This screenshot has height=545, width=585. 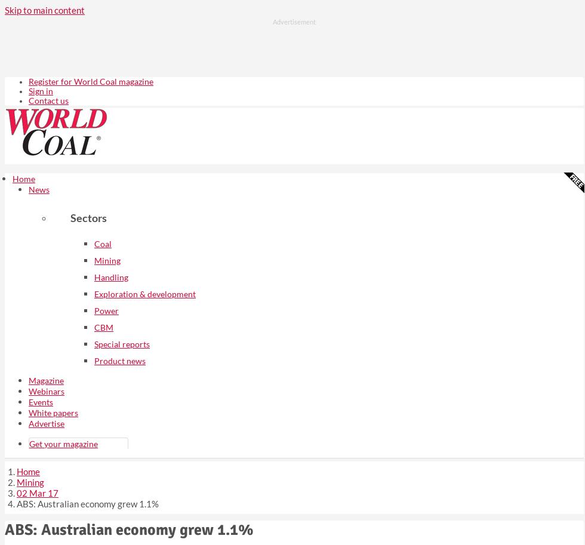 What do you see at coordinates (47, 390) in the screenshot?
I see `'Webinars'` at bounding box center [47, 390].